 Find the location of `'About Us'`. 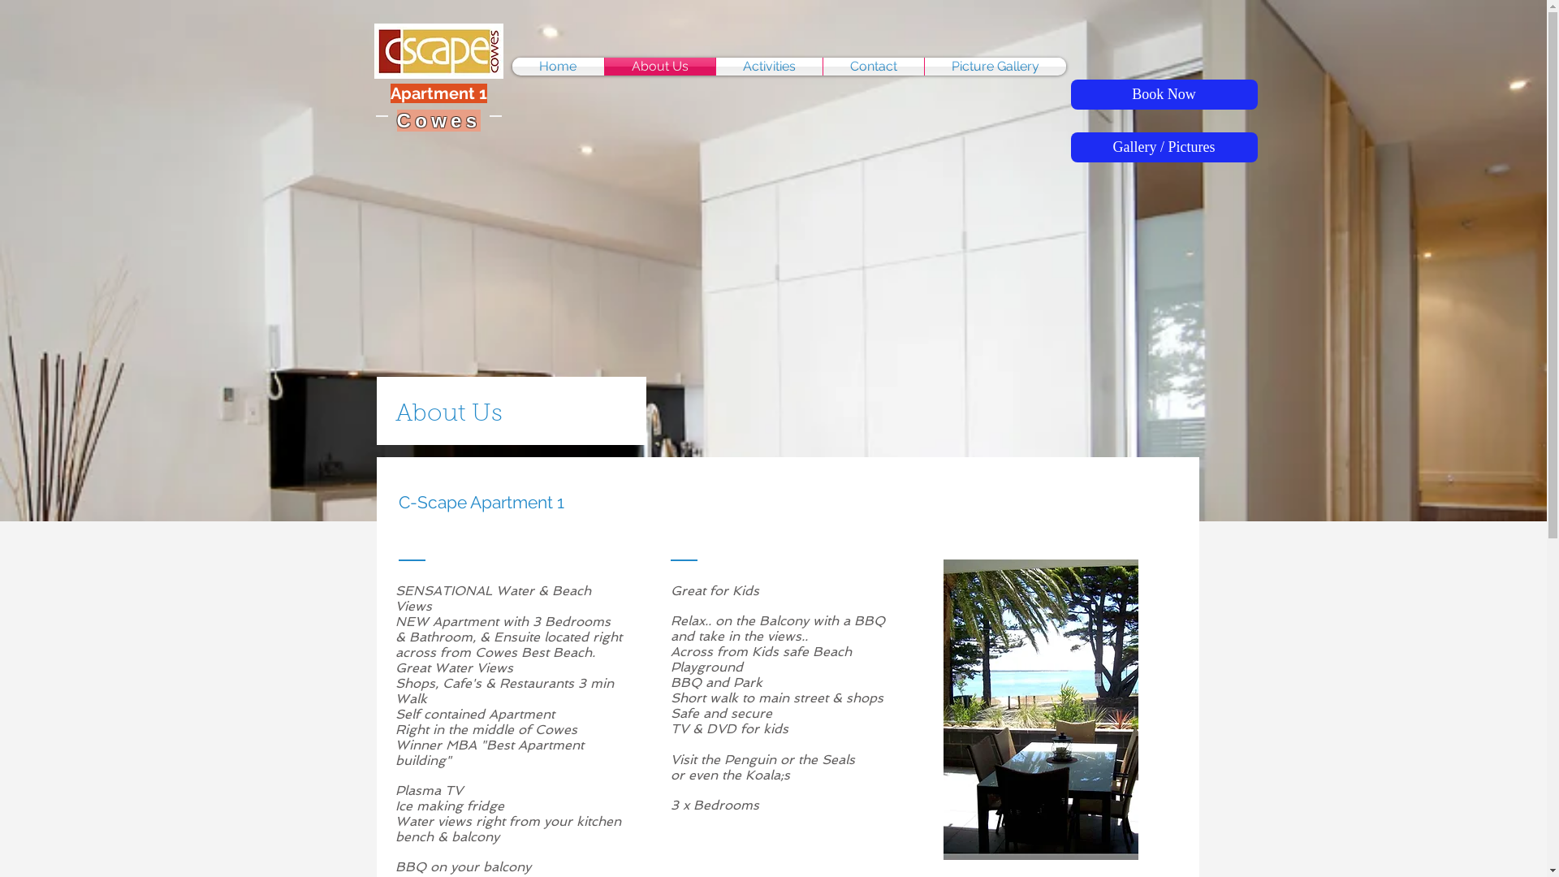

'About Us' is located at coordinates (659, 65).